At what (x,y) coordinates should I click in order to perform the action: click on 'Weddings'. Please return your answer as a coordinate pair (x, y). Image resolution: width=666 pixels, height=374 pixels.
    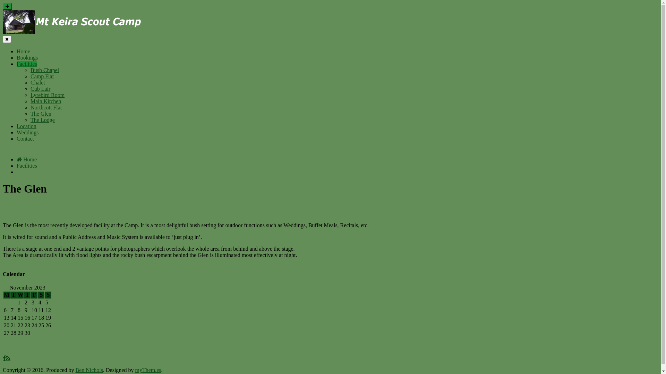
    Looking at the image, I should click on (28, 132).